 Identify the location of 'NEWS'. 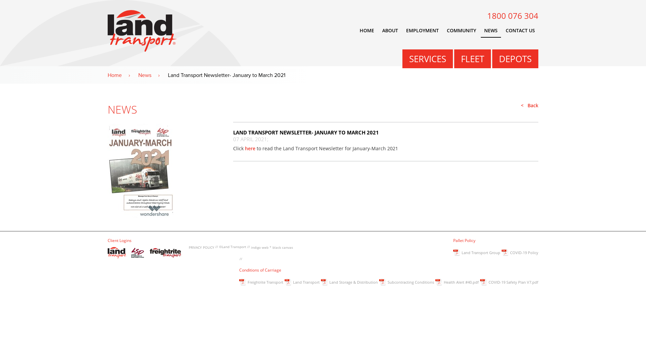
(491, 31).